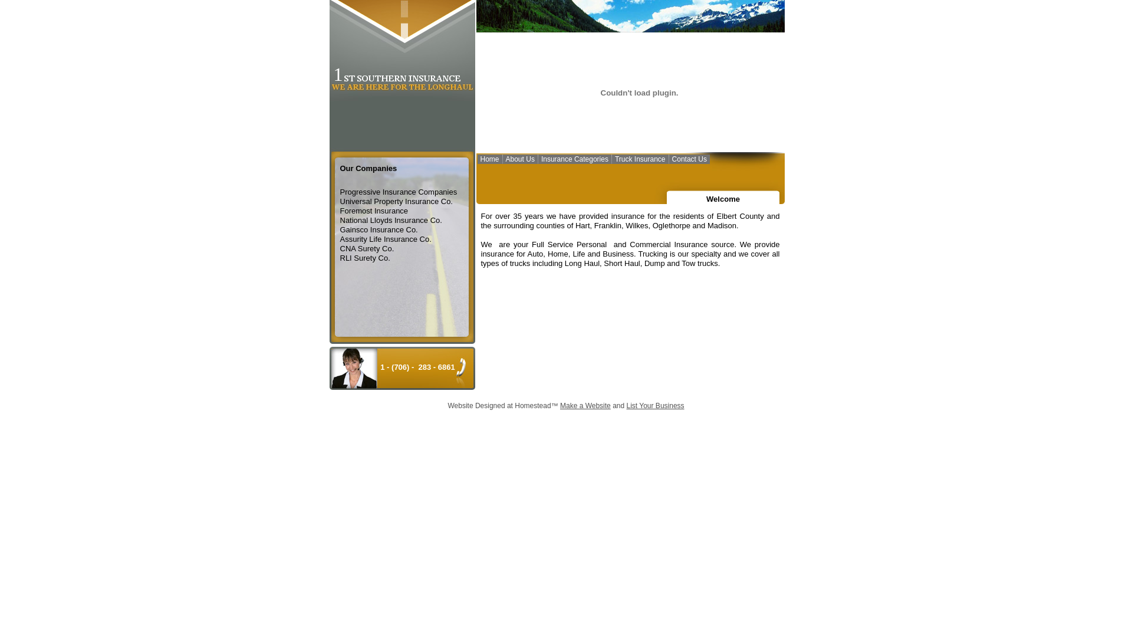 The image size is (1132, 637). What do you see at coordinates (574, 160) in the screenshot?
I see `'Insurance Categories'` at bounding box center [574, 160].